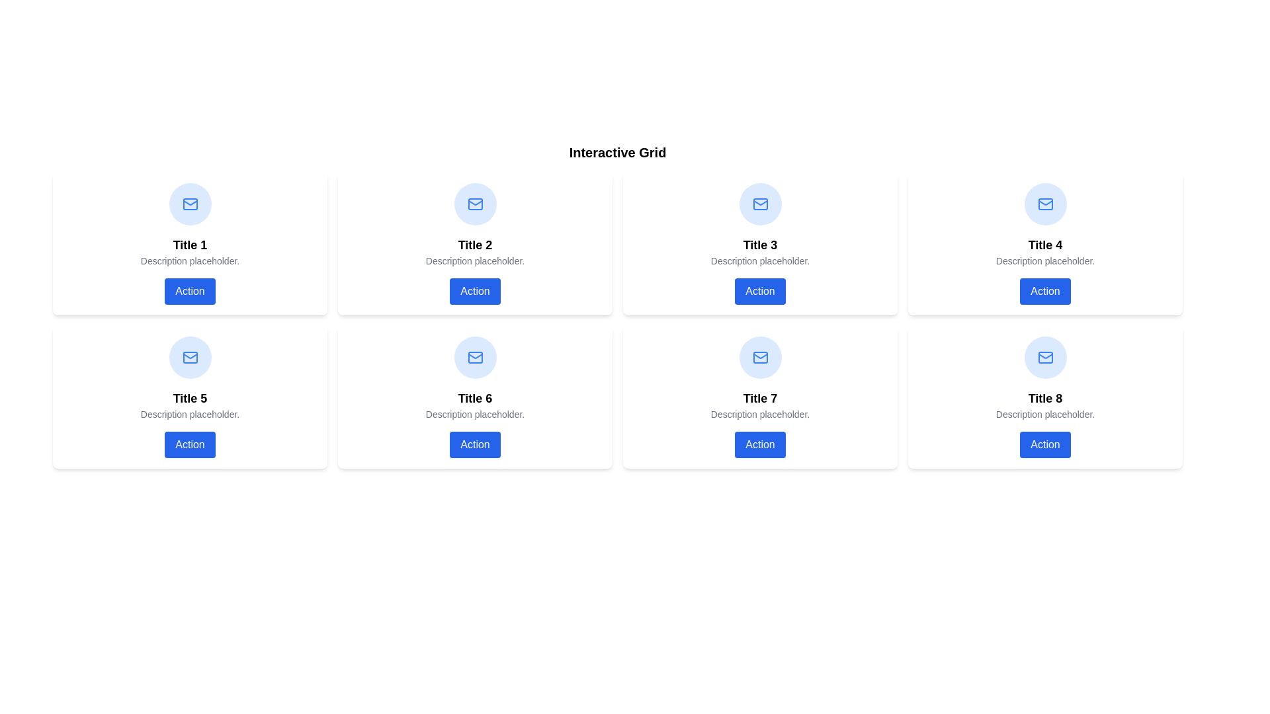 This screenshot has height=714, width=1270. Describe the element at coordinates (760, 357) in the screenshot. I see `the Decorative Icon located in the second row, third column of the grid, which represents a messaging or email-related function` at that location.